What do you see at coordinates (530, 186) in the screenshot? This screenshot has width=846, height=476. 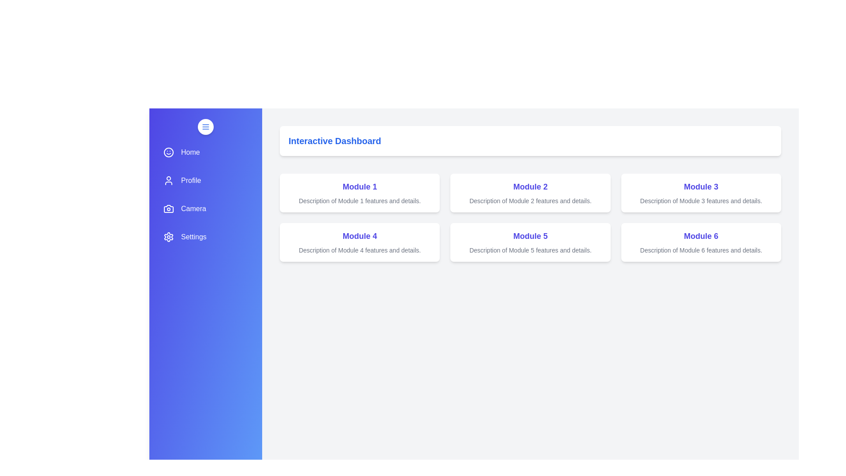 I see `the text label that serves as the title or name of the module in the second card of a horizontally-aligned list` at bounding box center [530, 186].